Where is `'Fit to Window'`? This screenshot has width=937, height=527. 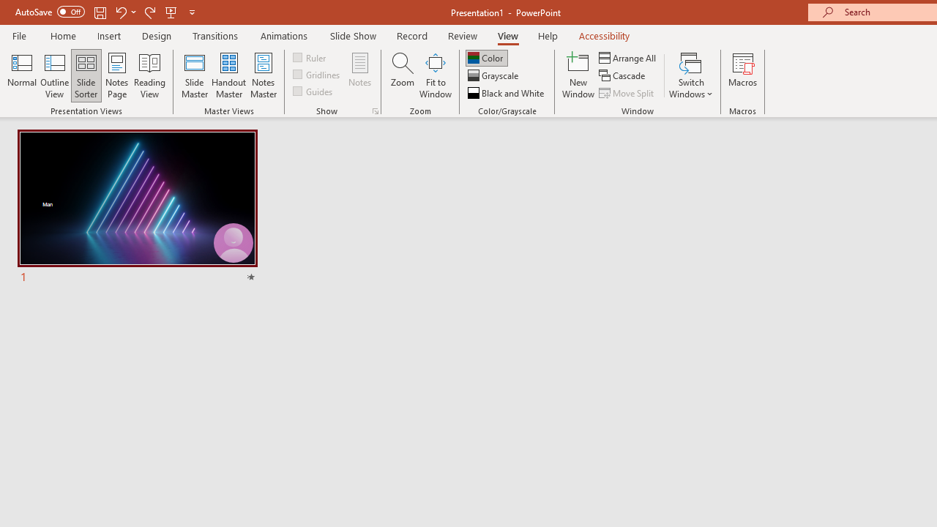
'Fit to Window' is located at coordinates (435, 75).